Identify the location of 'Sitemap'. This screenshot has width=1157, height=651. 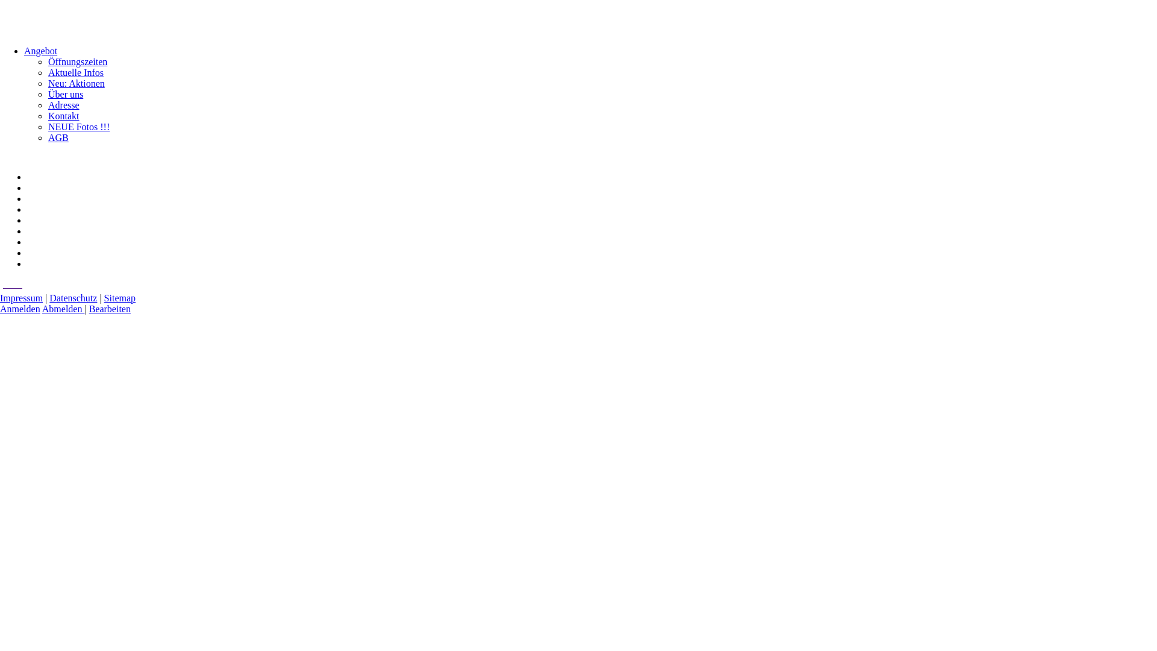
(119, 298).